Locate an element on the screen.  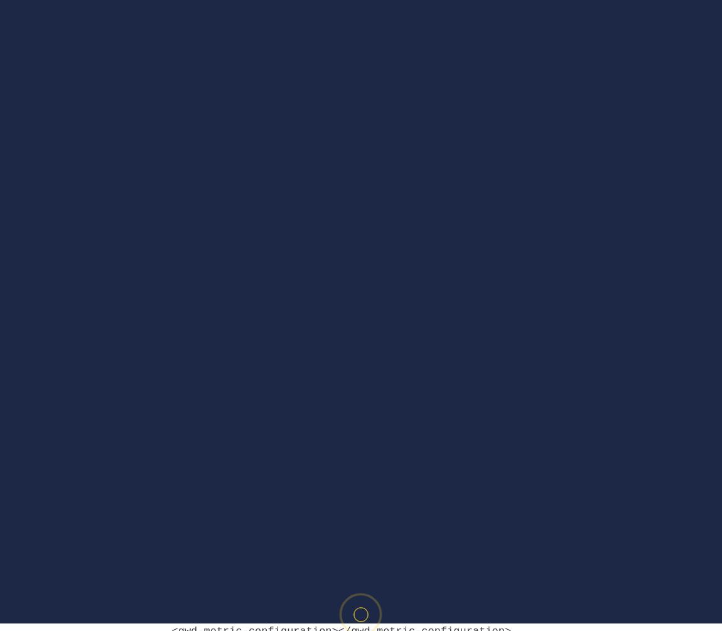
'<script data-source="gwddoubleclick_min.js" data-version="1.8" data-exports-type="gwd-doubleclick" type="text/javascript" src="gwddoubleclick_min.js"></script>' is located at coordinates (344, 439).